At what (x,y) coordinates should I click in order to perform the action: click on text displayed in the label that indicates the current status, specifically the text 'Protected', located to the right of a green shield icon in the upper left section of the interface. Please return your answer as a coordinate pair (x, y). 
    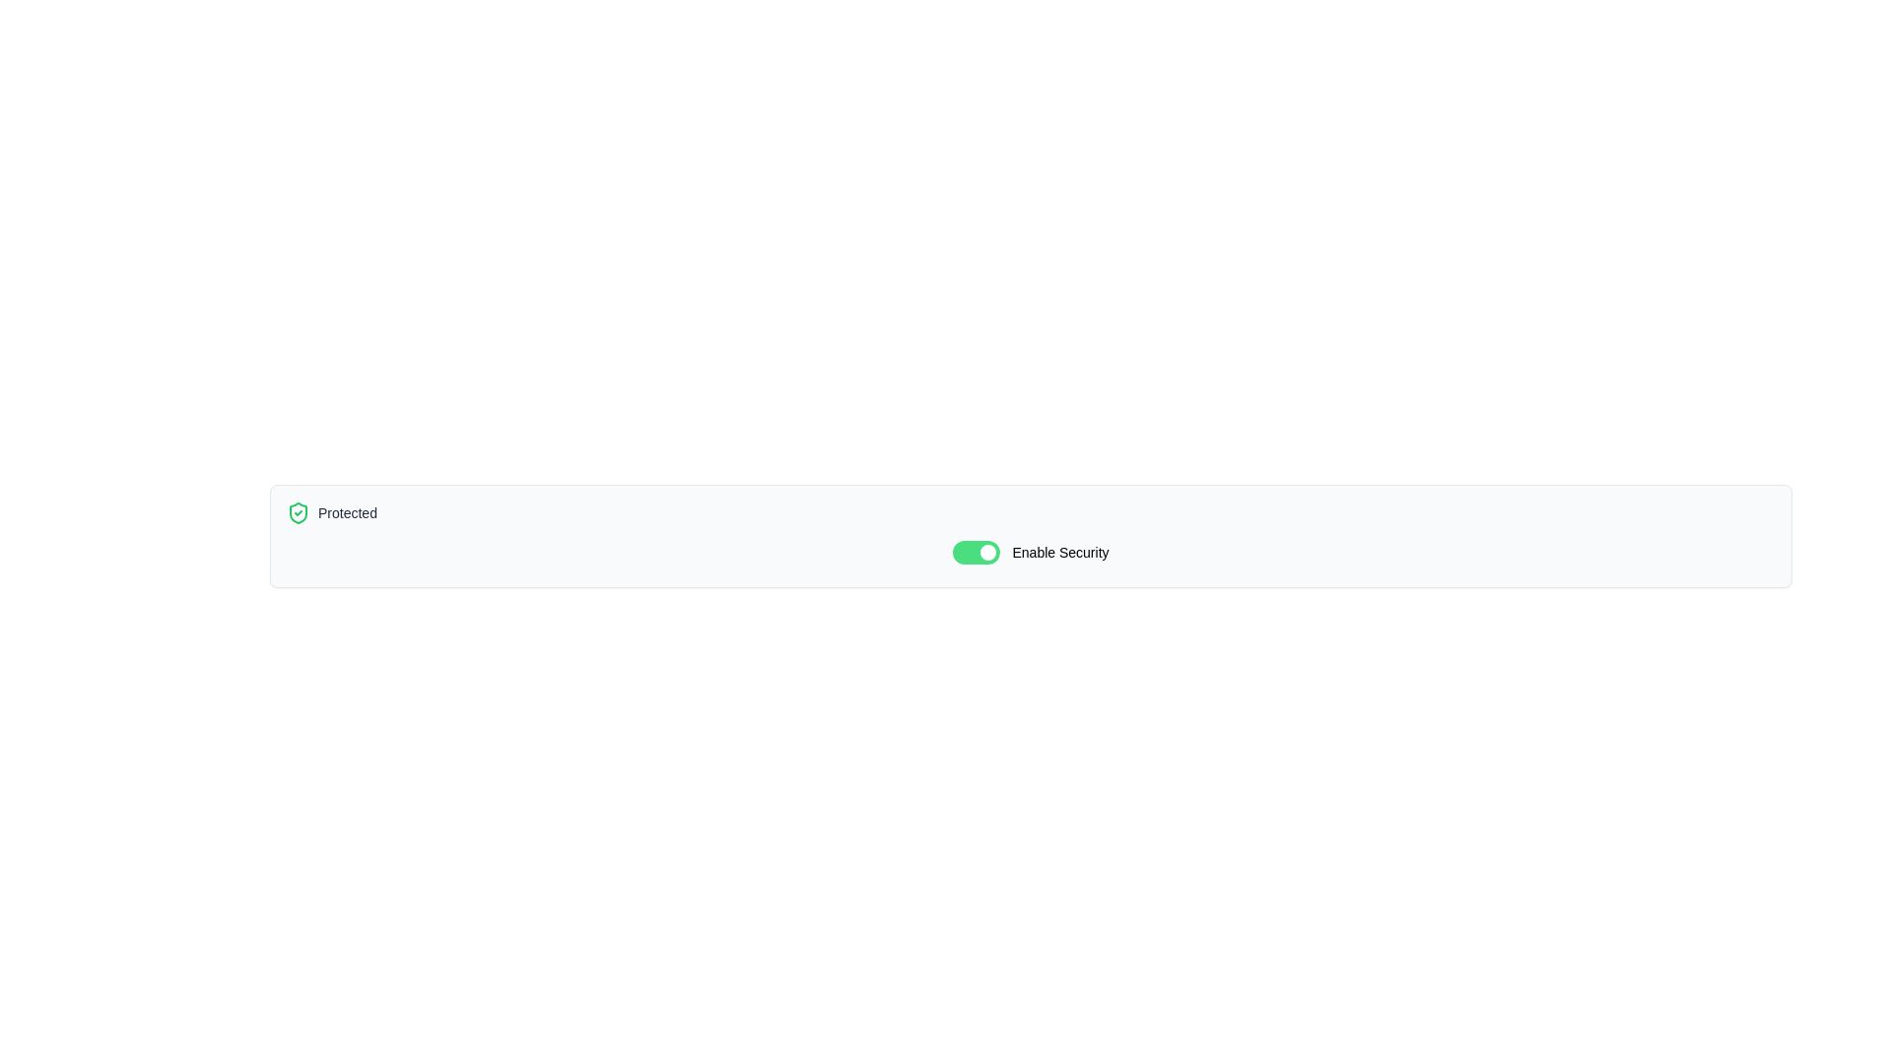
    Looking at the image, I should click on (347, 511).